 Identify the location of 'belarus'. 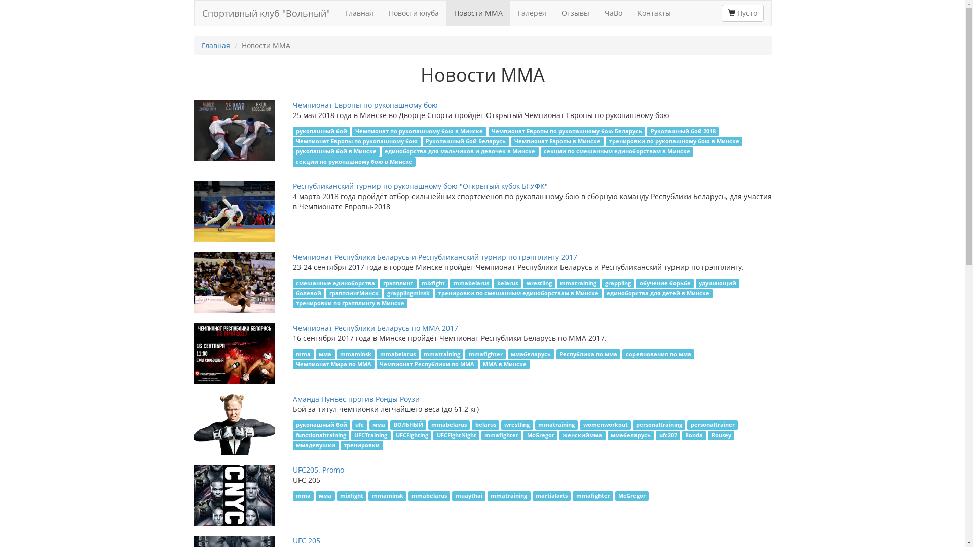
(508, 283).